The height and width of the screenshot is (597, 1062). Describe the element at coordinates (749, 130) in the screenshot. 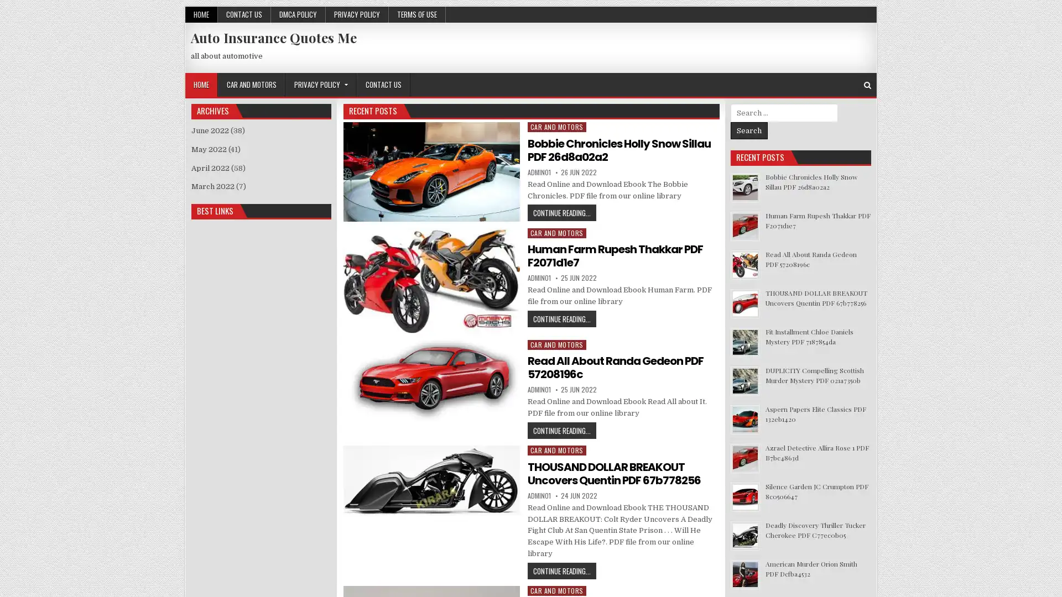

I see `Search` at that location.